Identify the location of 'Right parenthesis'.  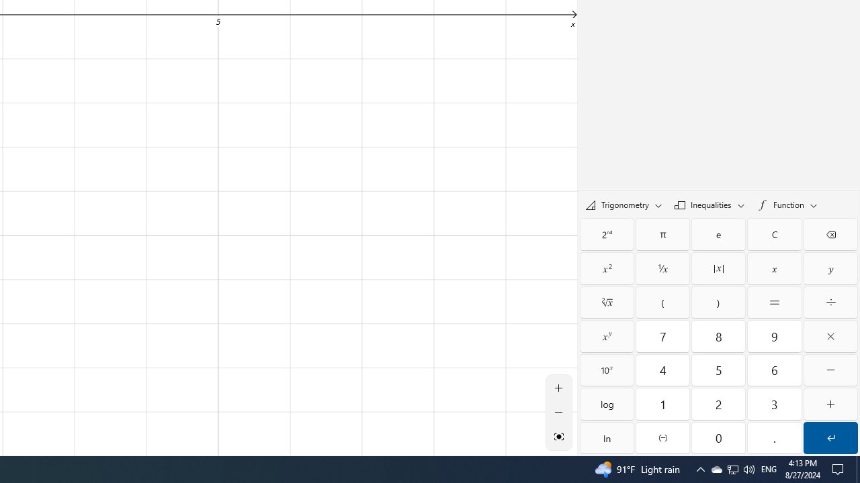
(718, 303).